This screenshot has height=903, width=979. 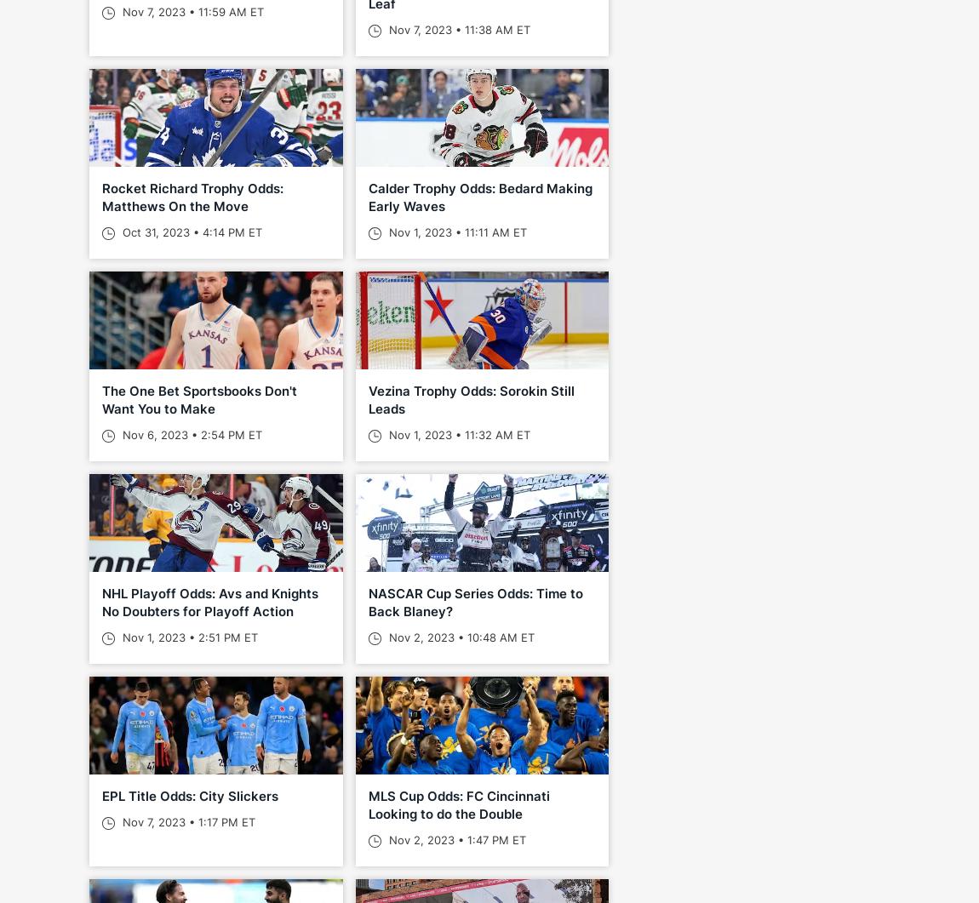 I want to click on 'NASCAR Cup Series Odds: Time to Back Blaney?', so click(x=474, y=603).